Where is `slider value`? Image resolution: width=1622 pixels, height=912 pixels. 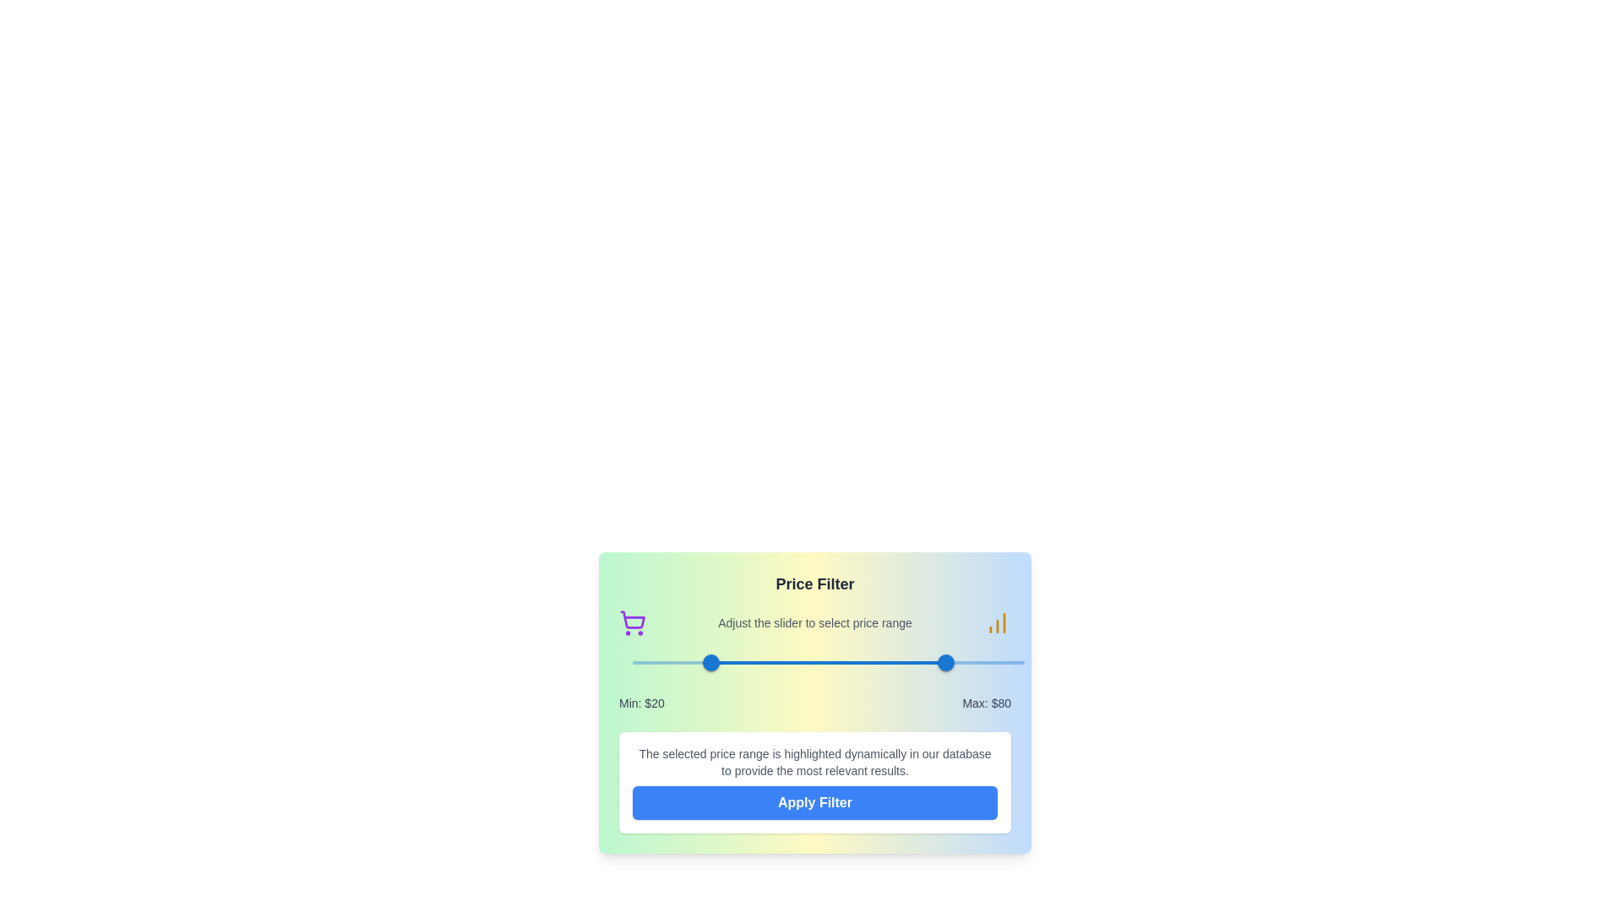 slider value is located at coordinates (954, 662).